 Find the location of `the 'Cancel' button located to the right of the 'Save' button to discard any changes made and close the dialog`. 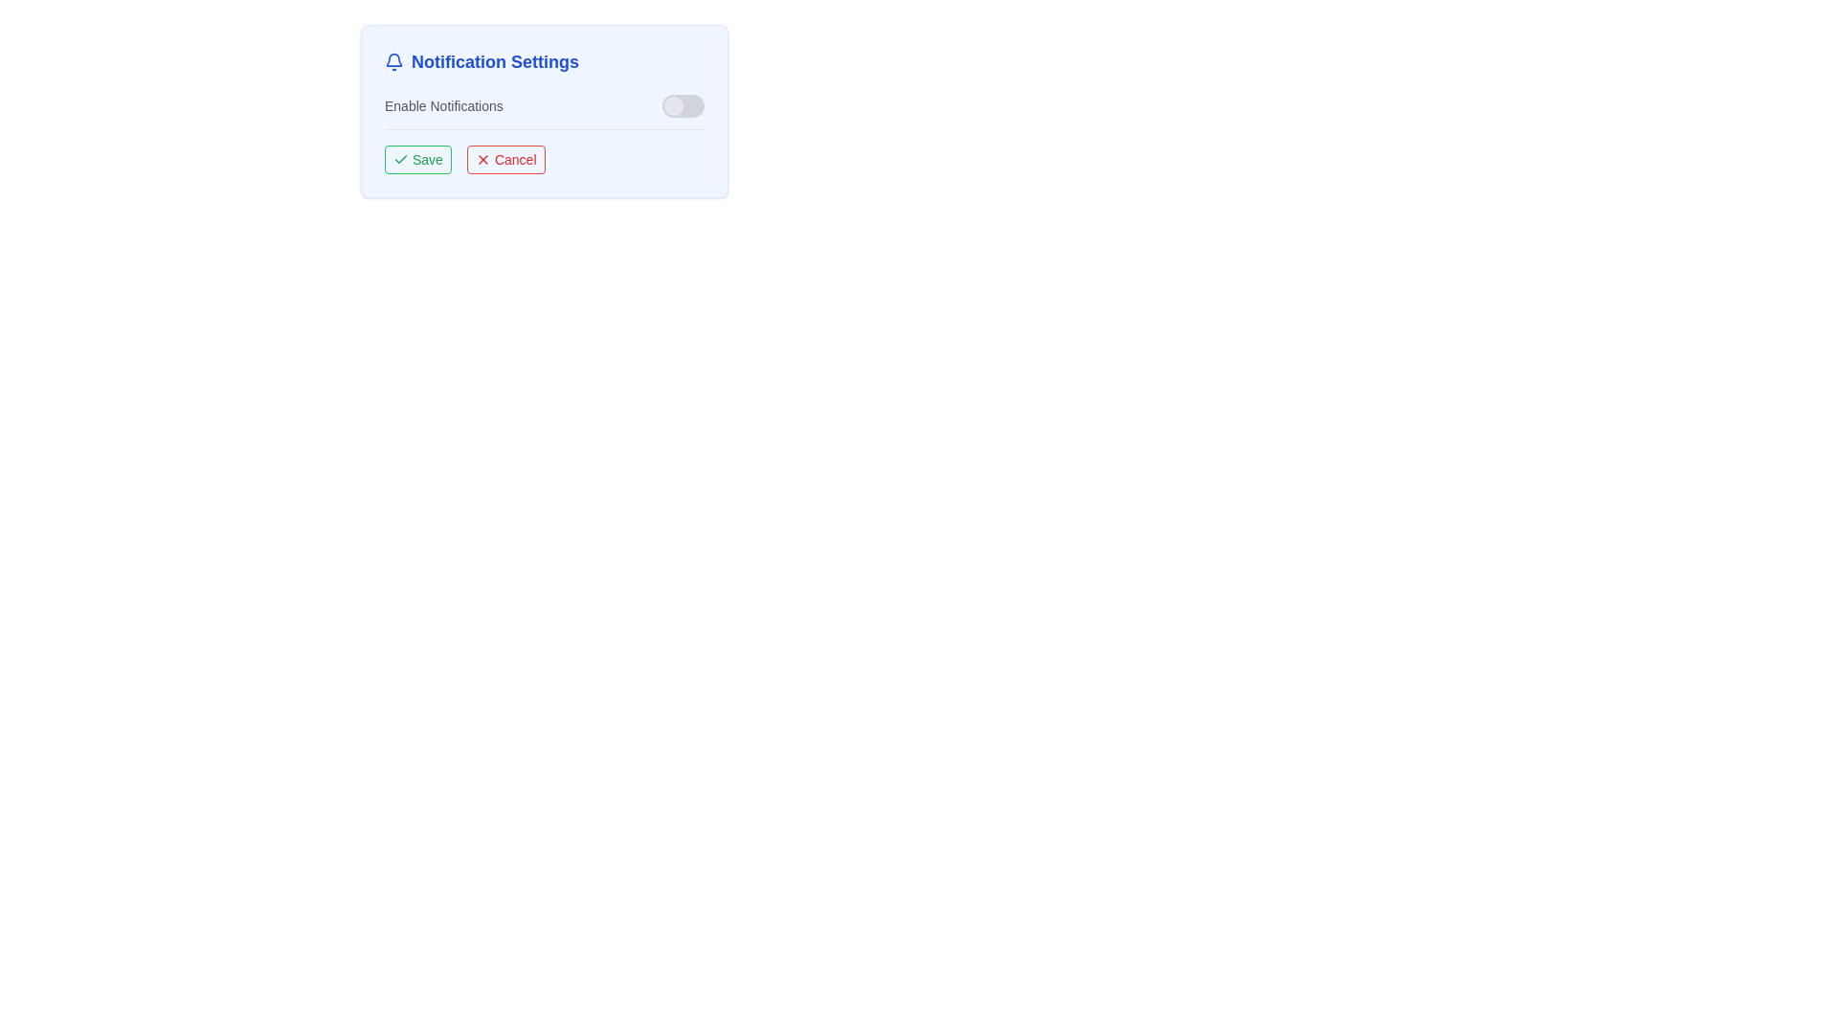

the 'Cancel' button located to the right of the 'Save' button to discard any changes made and close the dialog is located at coordinates (505, 158).